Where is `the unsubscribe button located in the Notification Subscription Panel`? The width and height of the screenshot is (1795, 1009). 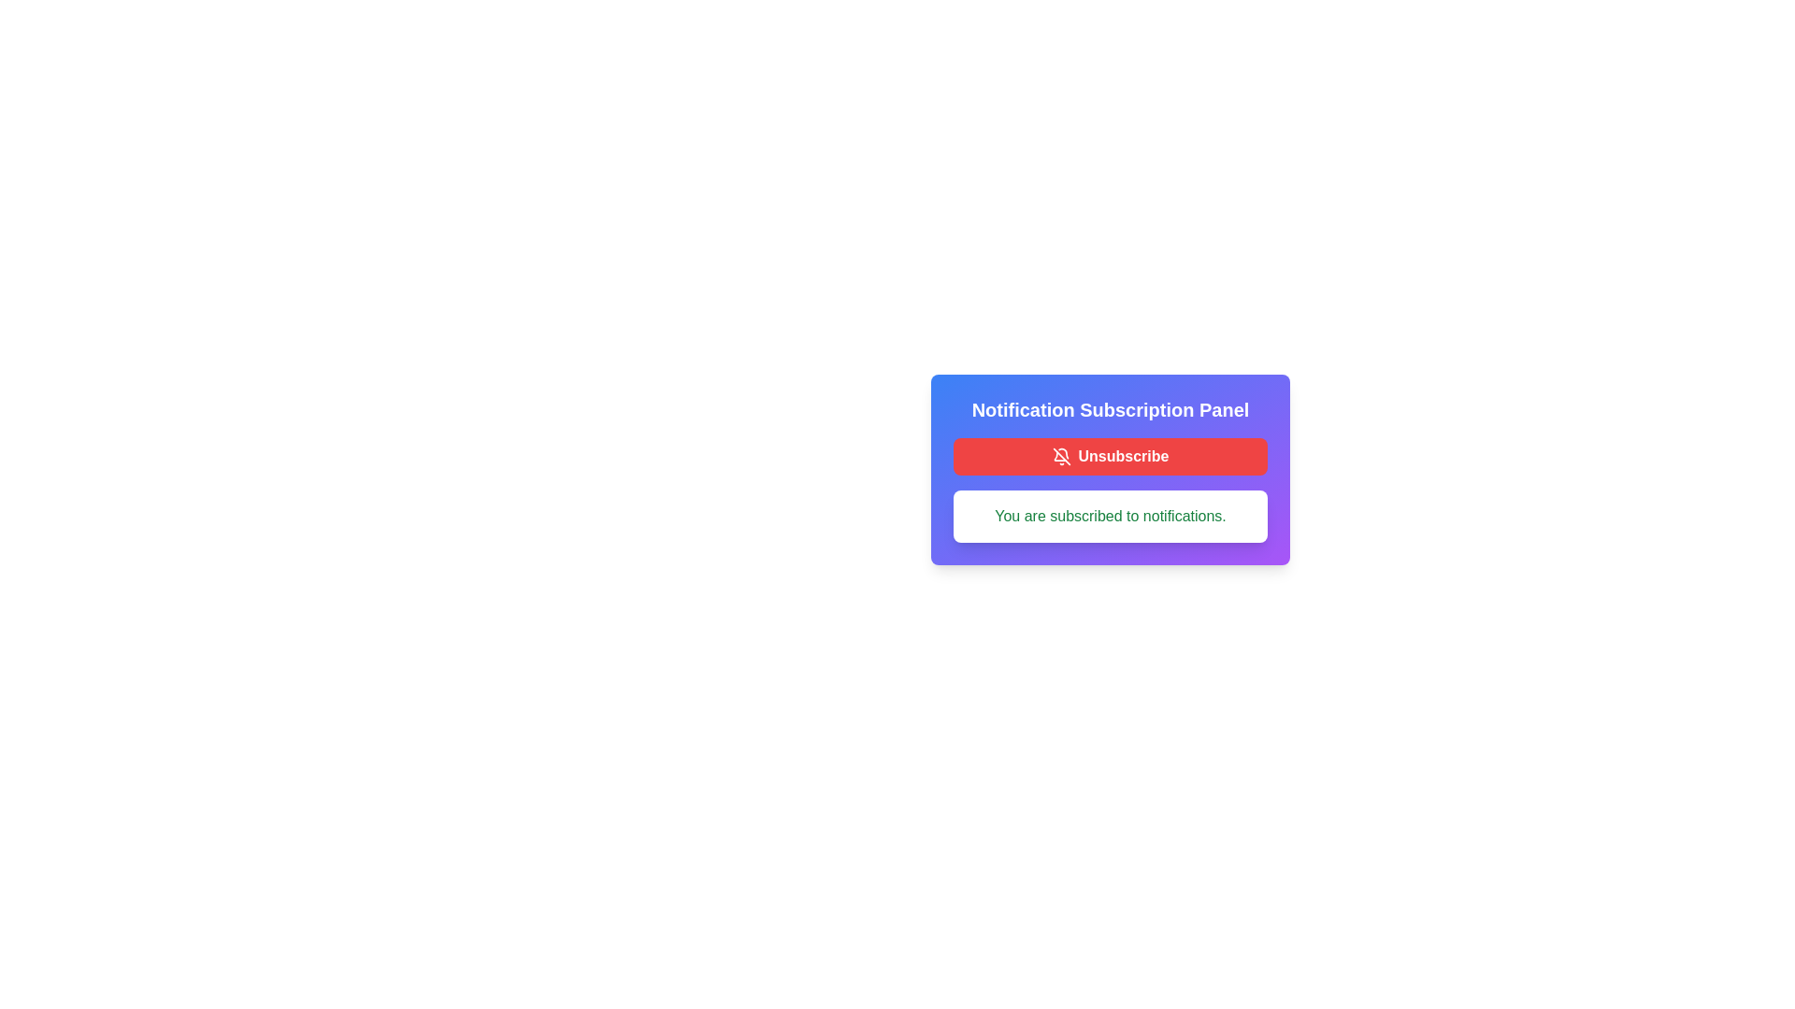
the unsubscribe button located in the Notification Subscription Panel is located at coordinates (1111, 457).